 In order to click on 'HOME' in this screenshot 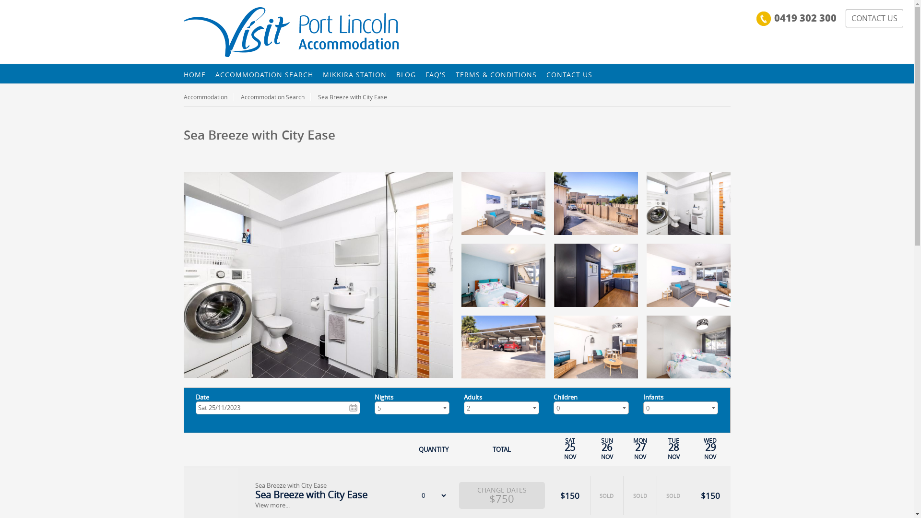, I will do `click(193, 74)`.